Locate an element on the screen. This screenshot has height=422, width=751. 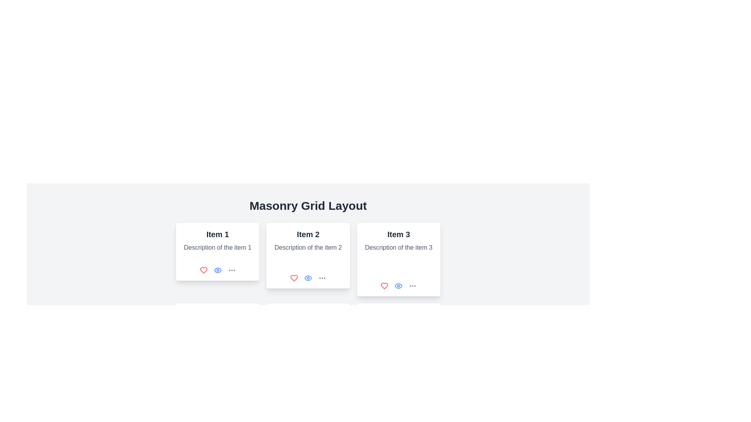
the third icon from the left, represented by three horizontal dots, to change its color is located at coordinates (412, 286).